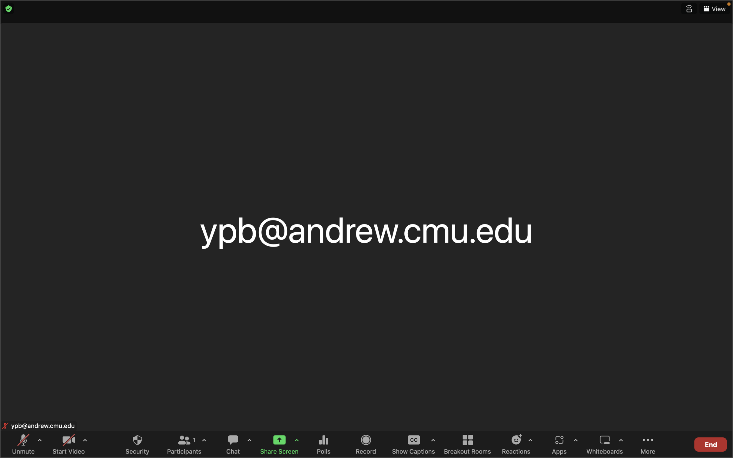  Describe the element at coordinates (68, 444) in the screenshot. I see `Start the video by clicking on the icon at bottom left` at that location.